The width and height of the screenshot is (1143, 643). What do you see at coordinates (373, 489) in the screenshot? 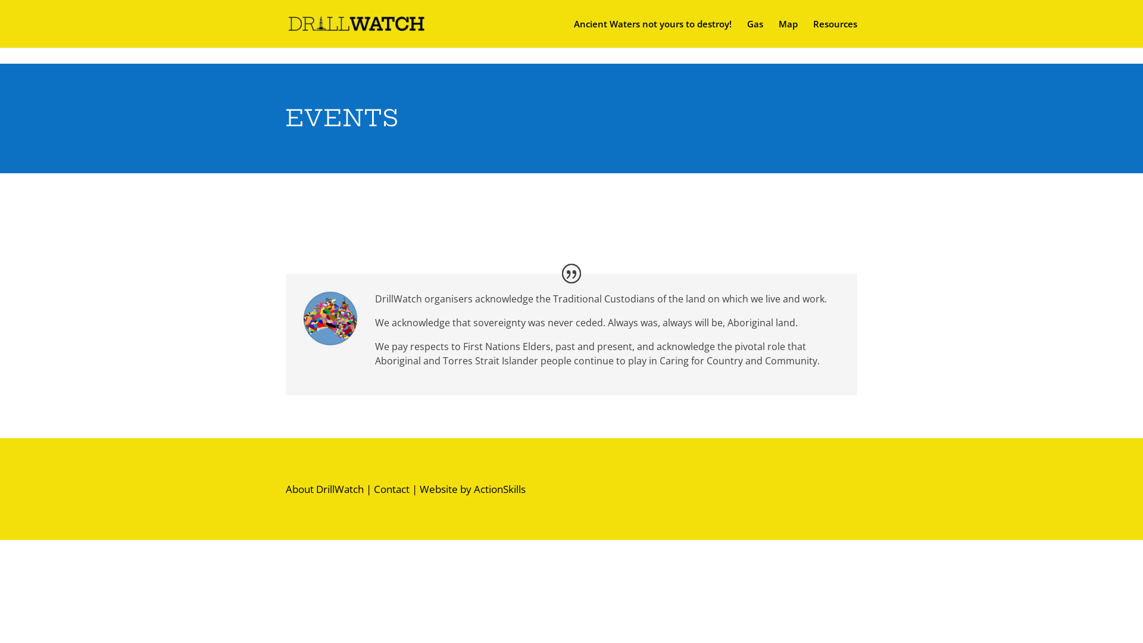
I see `'Contact'` at bounding box center [373, 489].